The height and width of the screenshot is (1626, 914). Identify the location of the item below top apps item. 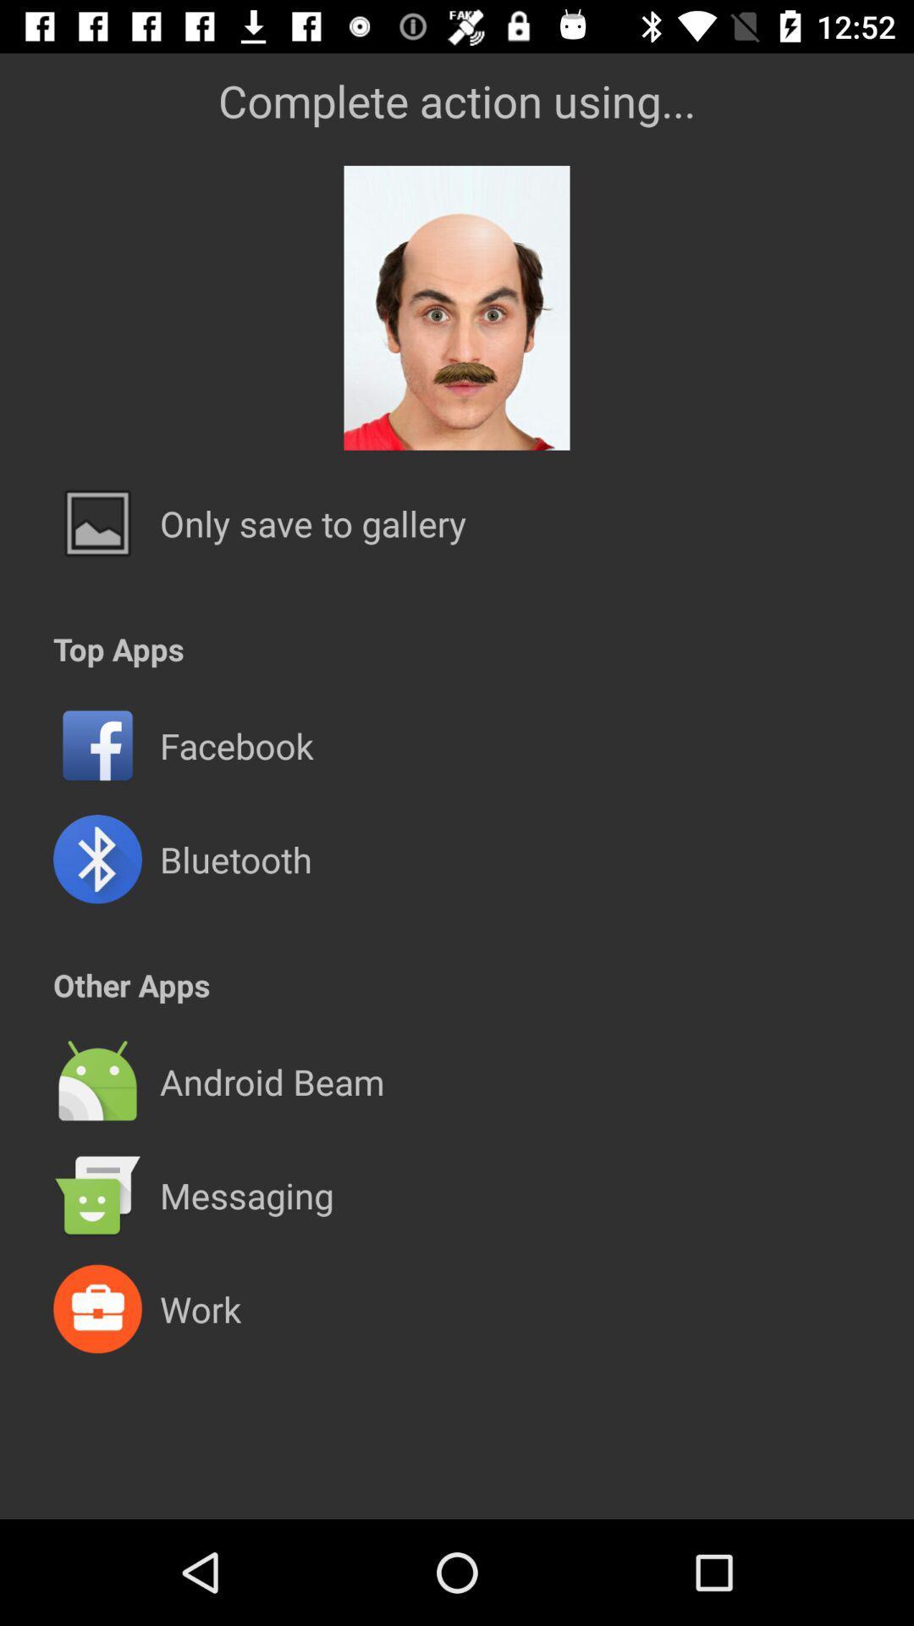
(457, 689).